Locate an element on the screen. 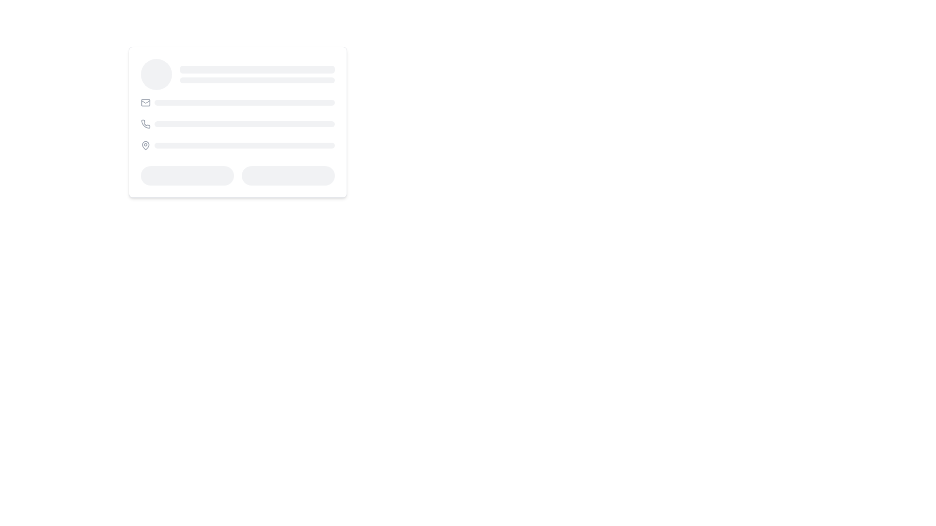 This screenshot has height=526, width=936. state or data of the topmost row UI component, which features a gray envelope icon and a light gray placeholder is located at coordinates (238, 103).